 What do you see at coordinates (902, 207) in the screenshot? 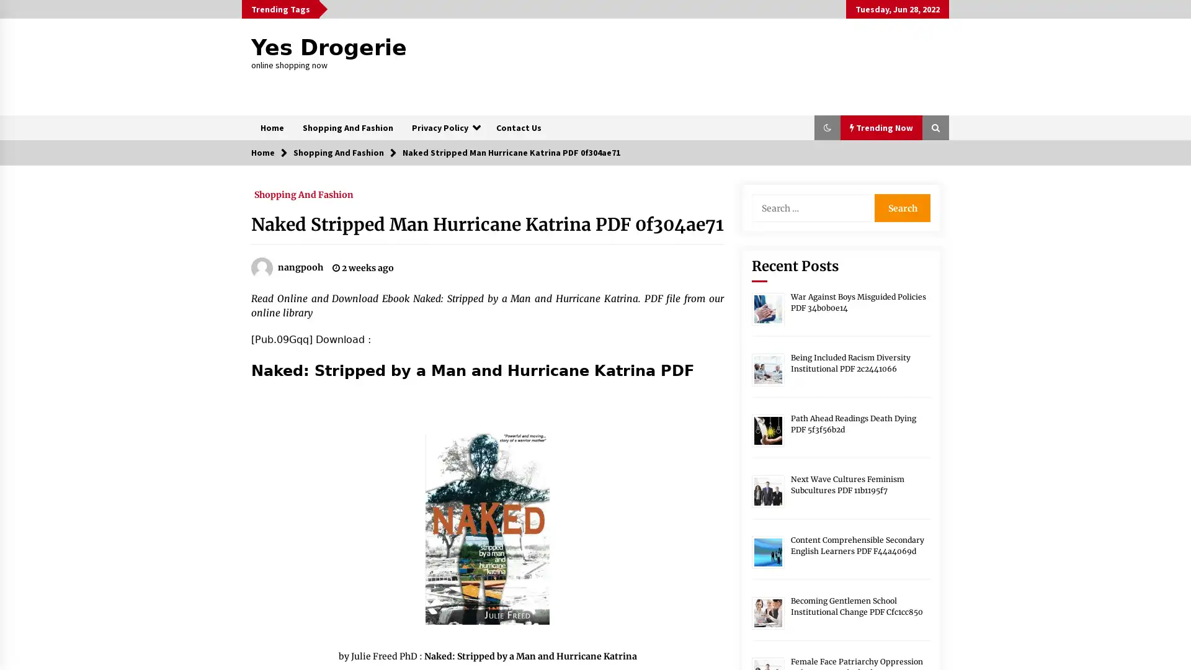
I see `Search` at bounding box center [902, 207].